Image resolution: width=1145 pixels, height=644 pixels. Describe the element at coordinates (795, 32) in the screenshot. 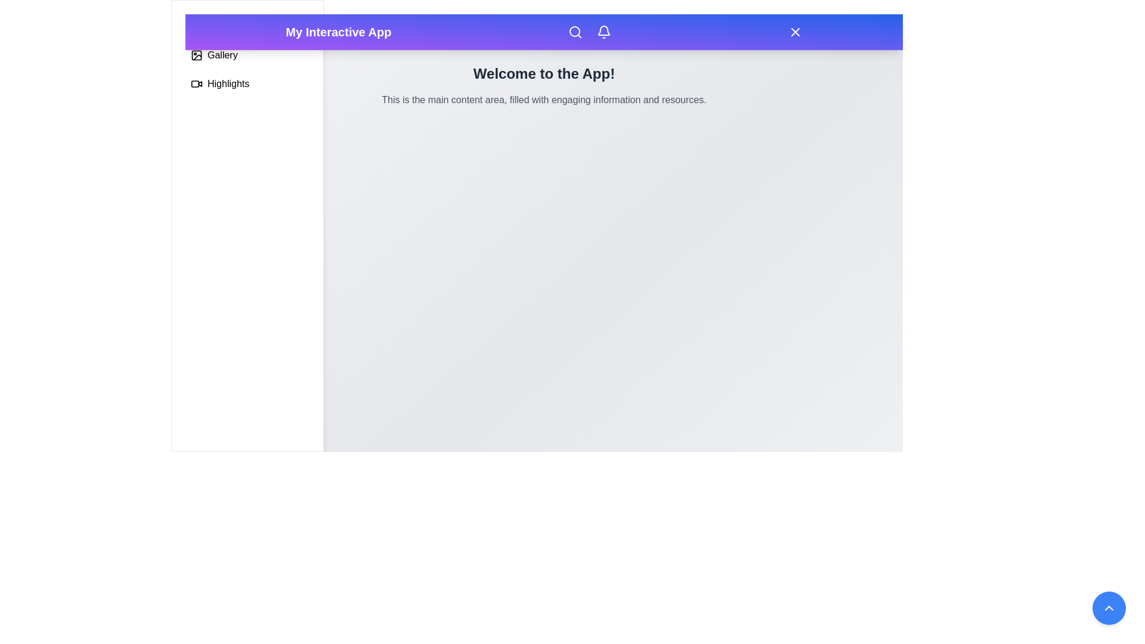

I see `the close icon (SVG) located on the right side of the top navigation bar` at that location.